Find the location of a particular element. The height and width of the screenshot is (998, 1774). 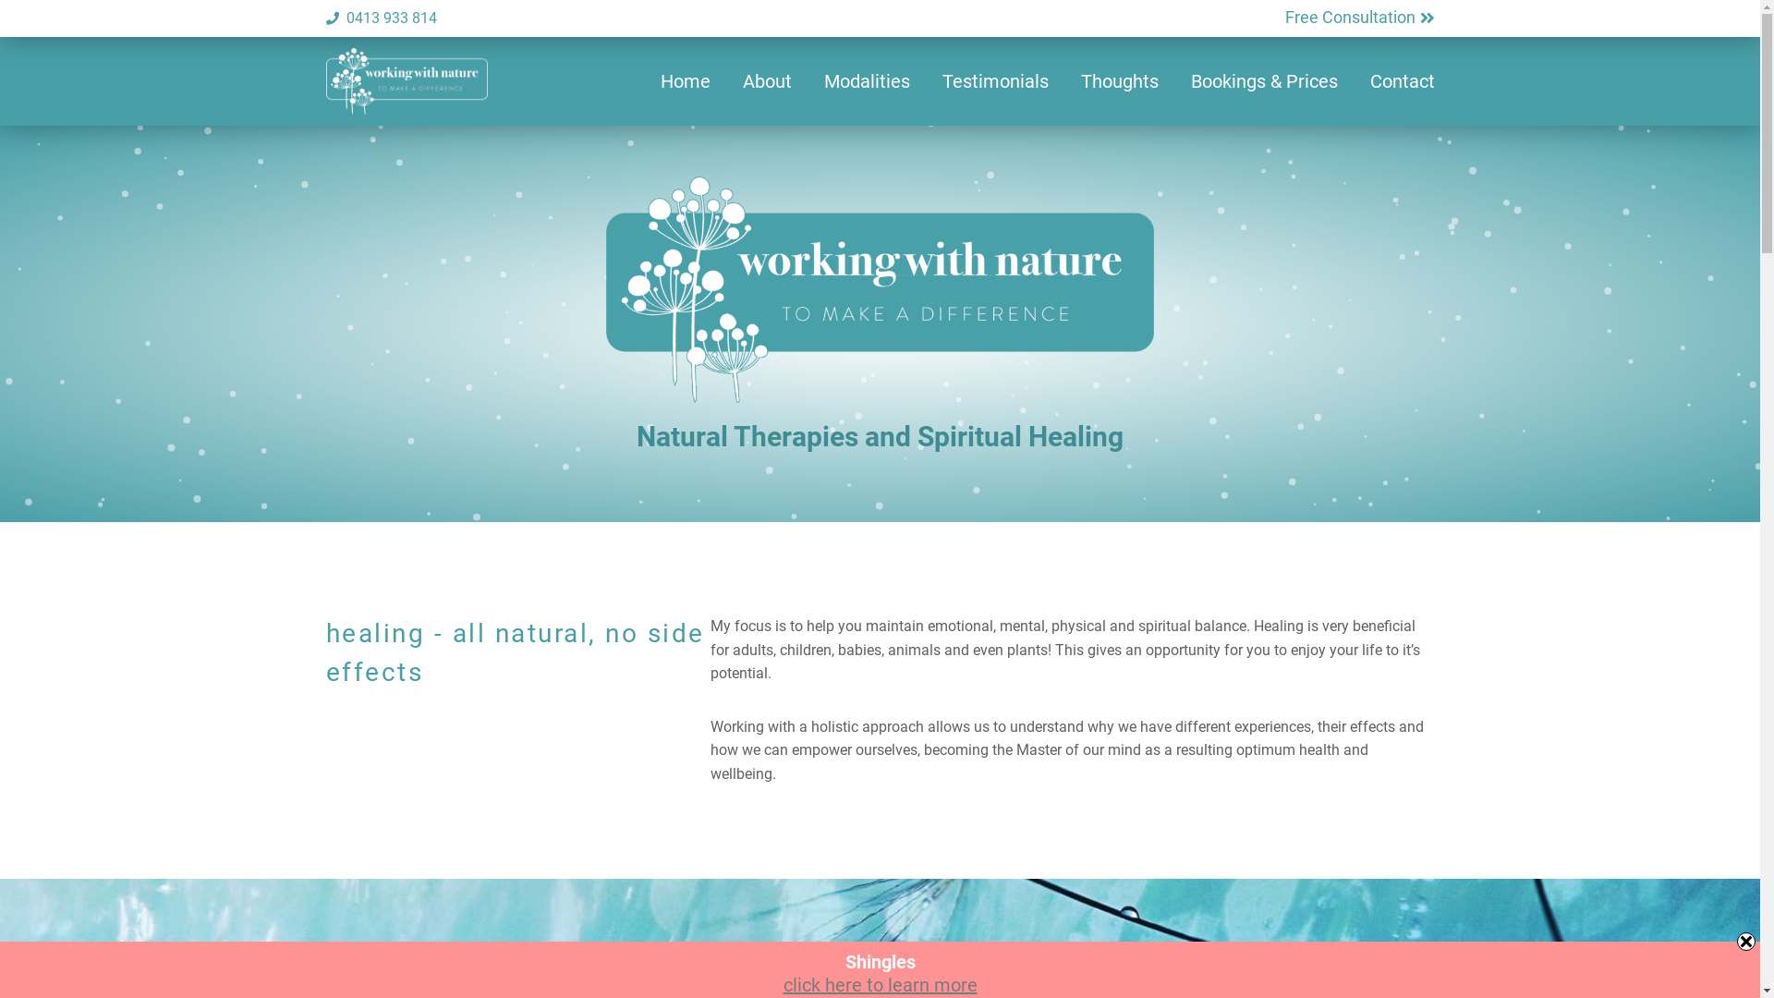

'Bookings & Prices' is located at coordinates (1262, 80).